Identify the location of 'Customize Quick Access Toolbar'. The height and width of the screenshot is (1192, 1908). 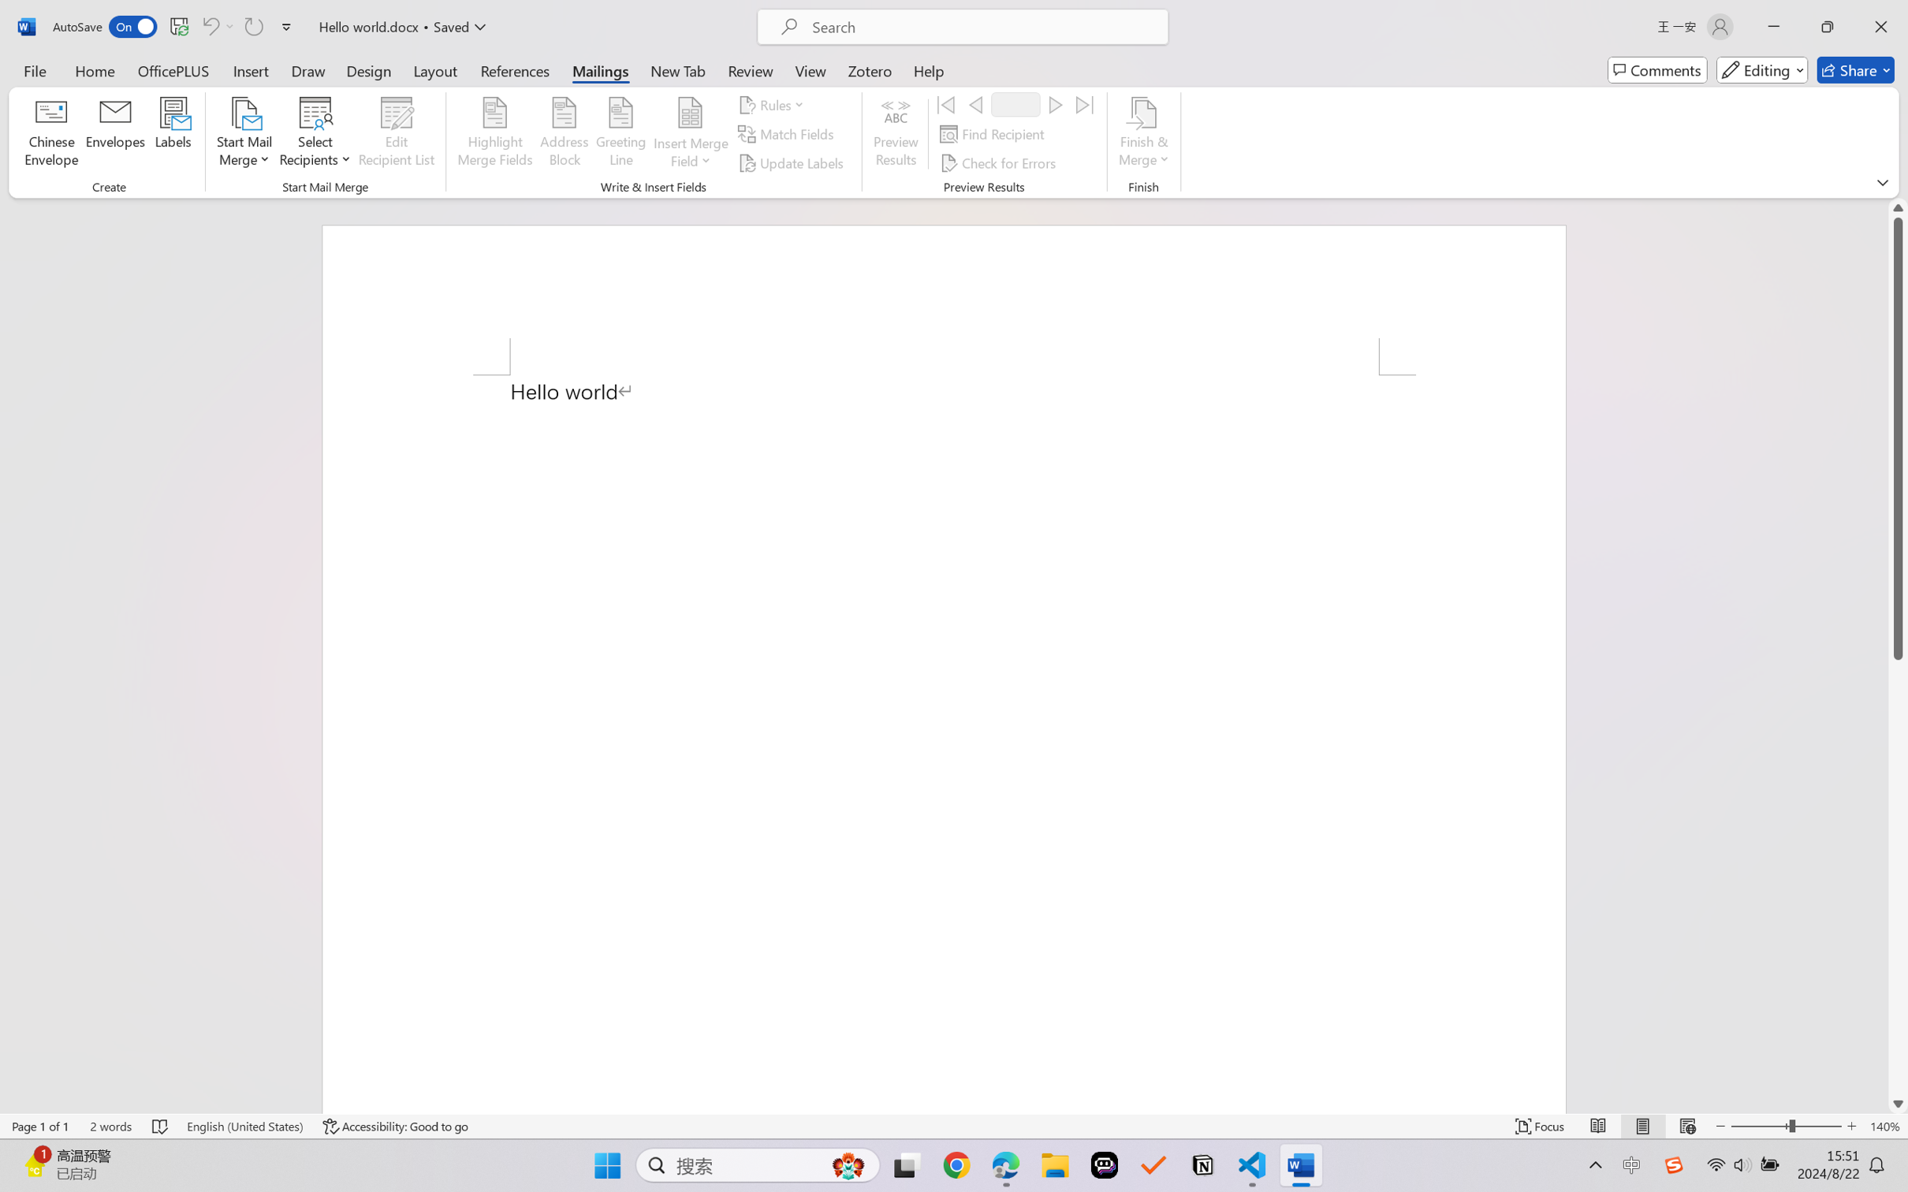
(286, 26).